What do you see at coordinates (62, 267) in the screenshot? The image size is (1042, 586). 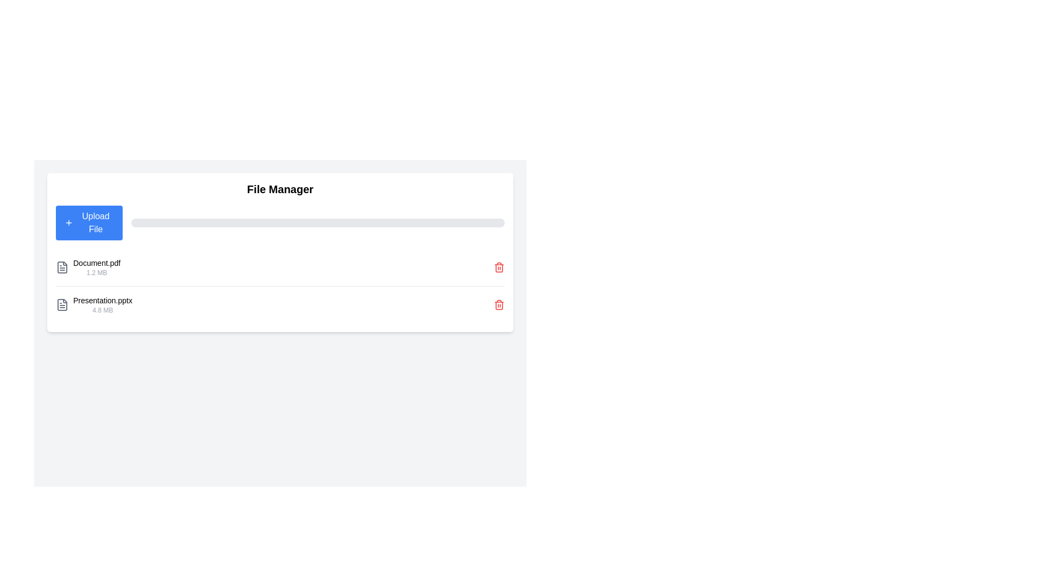 I see `the document file icon located to the left of 'Document.pdf' in the file manager section` at bounding box center [62, 267].